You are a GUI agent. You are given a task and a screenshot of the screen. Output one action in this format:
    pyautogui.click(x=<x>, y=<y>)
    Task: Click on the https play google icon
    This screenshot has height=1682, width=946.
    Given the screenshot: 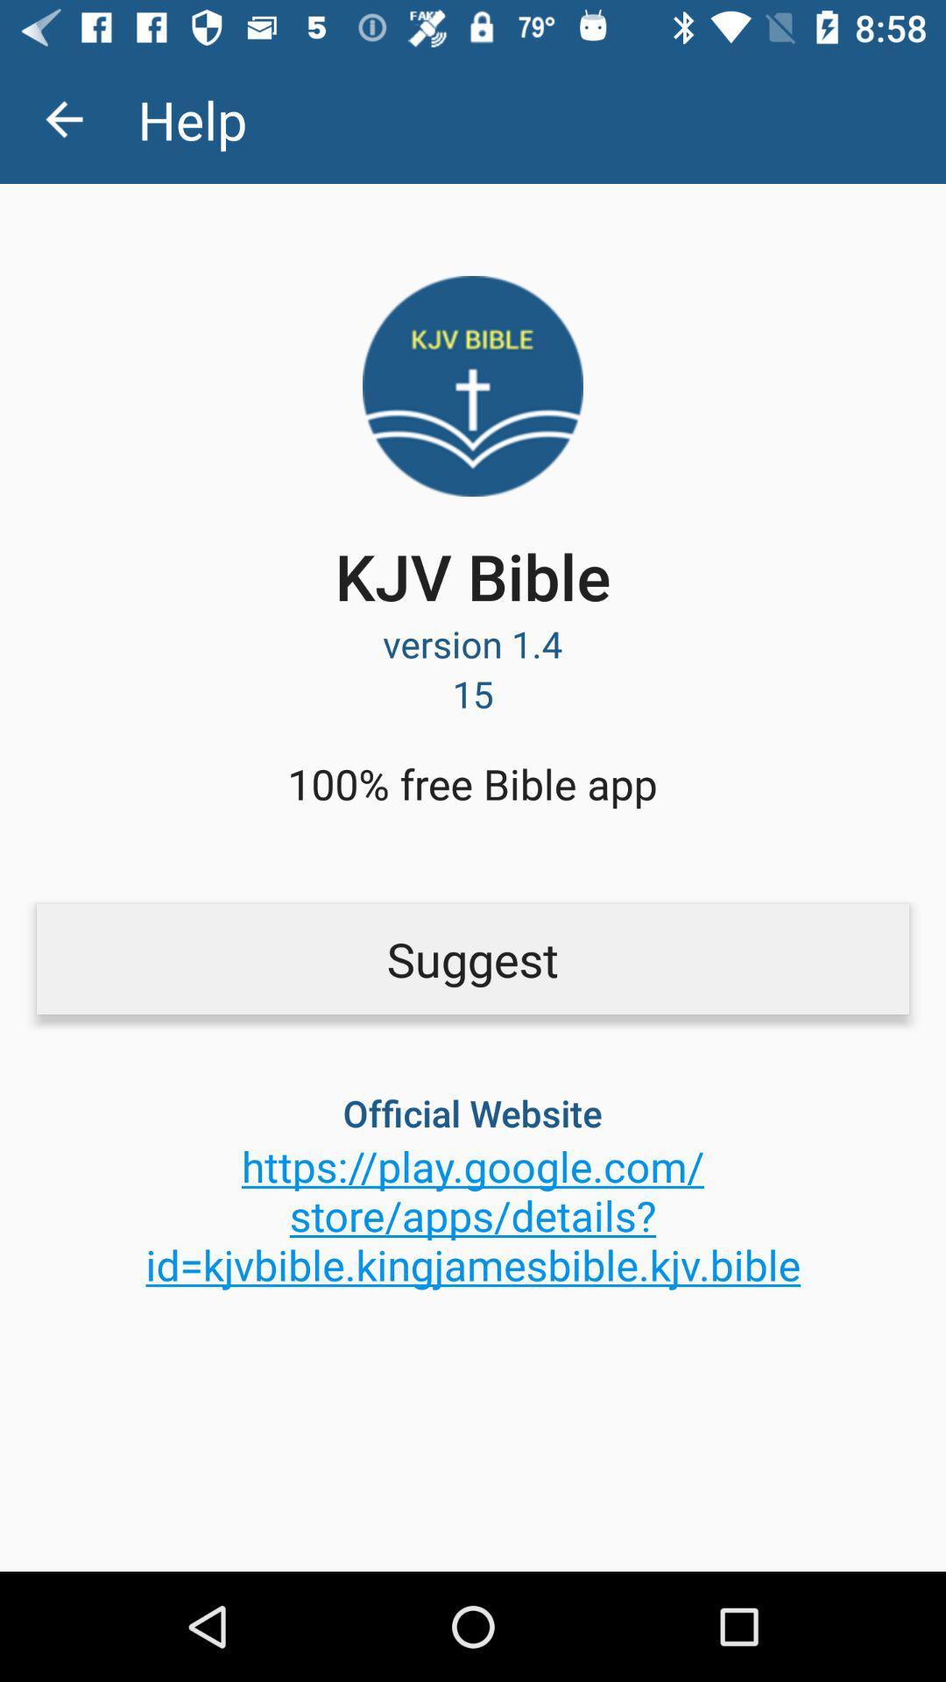 What is the action you would take?
    pyautogui.click(x=473, y=1214)
    